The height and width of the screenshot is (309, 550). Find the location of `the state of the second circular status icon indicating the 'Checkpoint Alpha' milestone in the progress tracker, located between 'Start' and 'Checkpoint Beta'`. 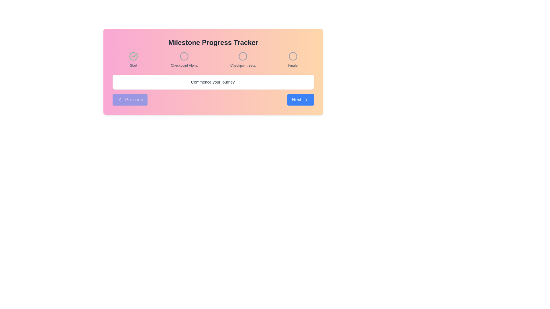

the state of the second circular status icon indicating the 'Checkpoint Alpha' milestone in the progress tracker, located between 'Start' and 'Checkpoint Beta' is located at coordinates (184, 56).